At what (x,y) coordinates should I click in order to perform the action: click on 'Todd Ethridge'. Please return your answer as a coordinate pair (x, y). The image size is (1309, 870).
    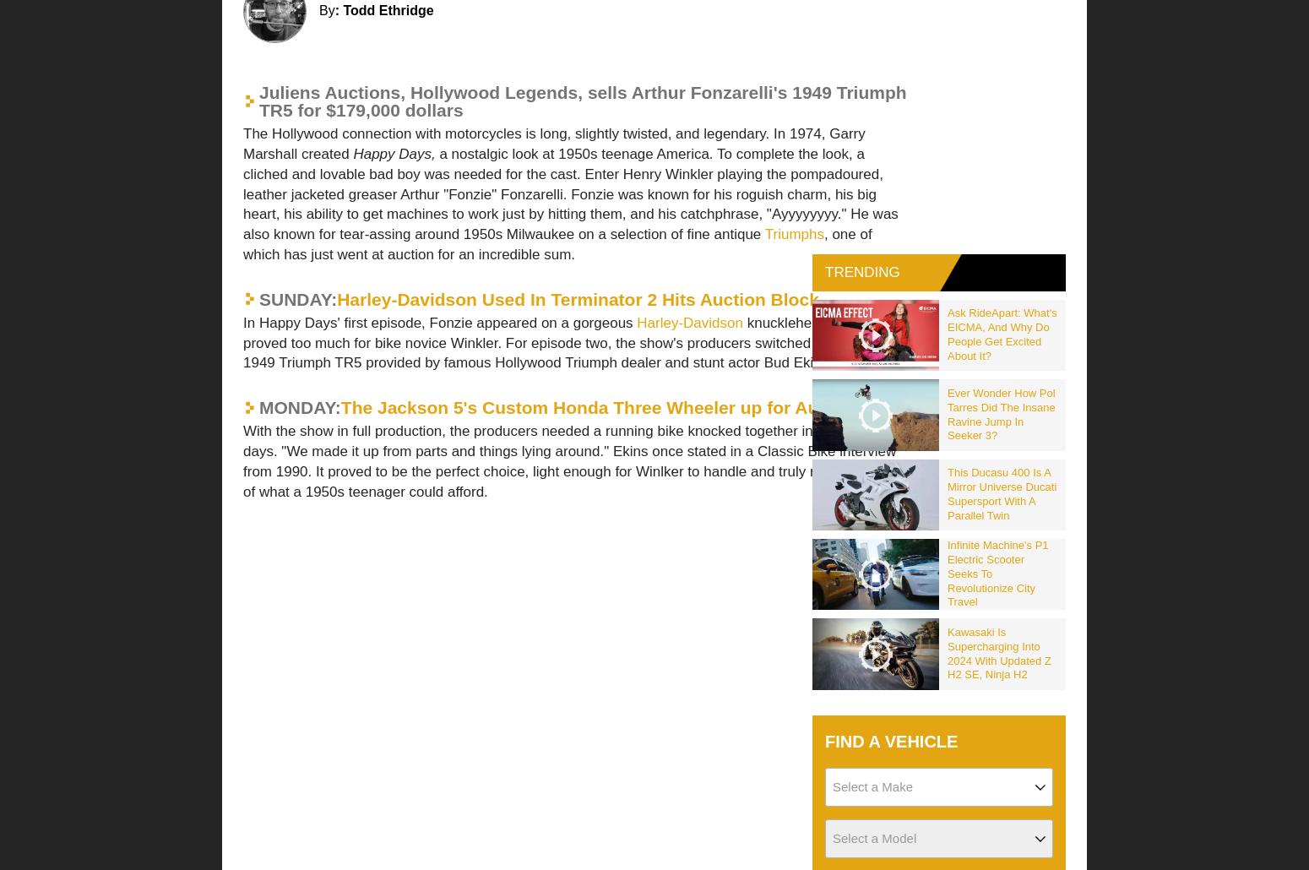
    Looking at the image, I should click on (388, 10).